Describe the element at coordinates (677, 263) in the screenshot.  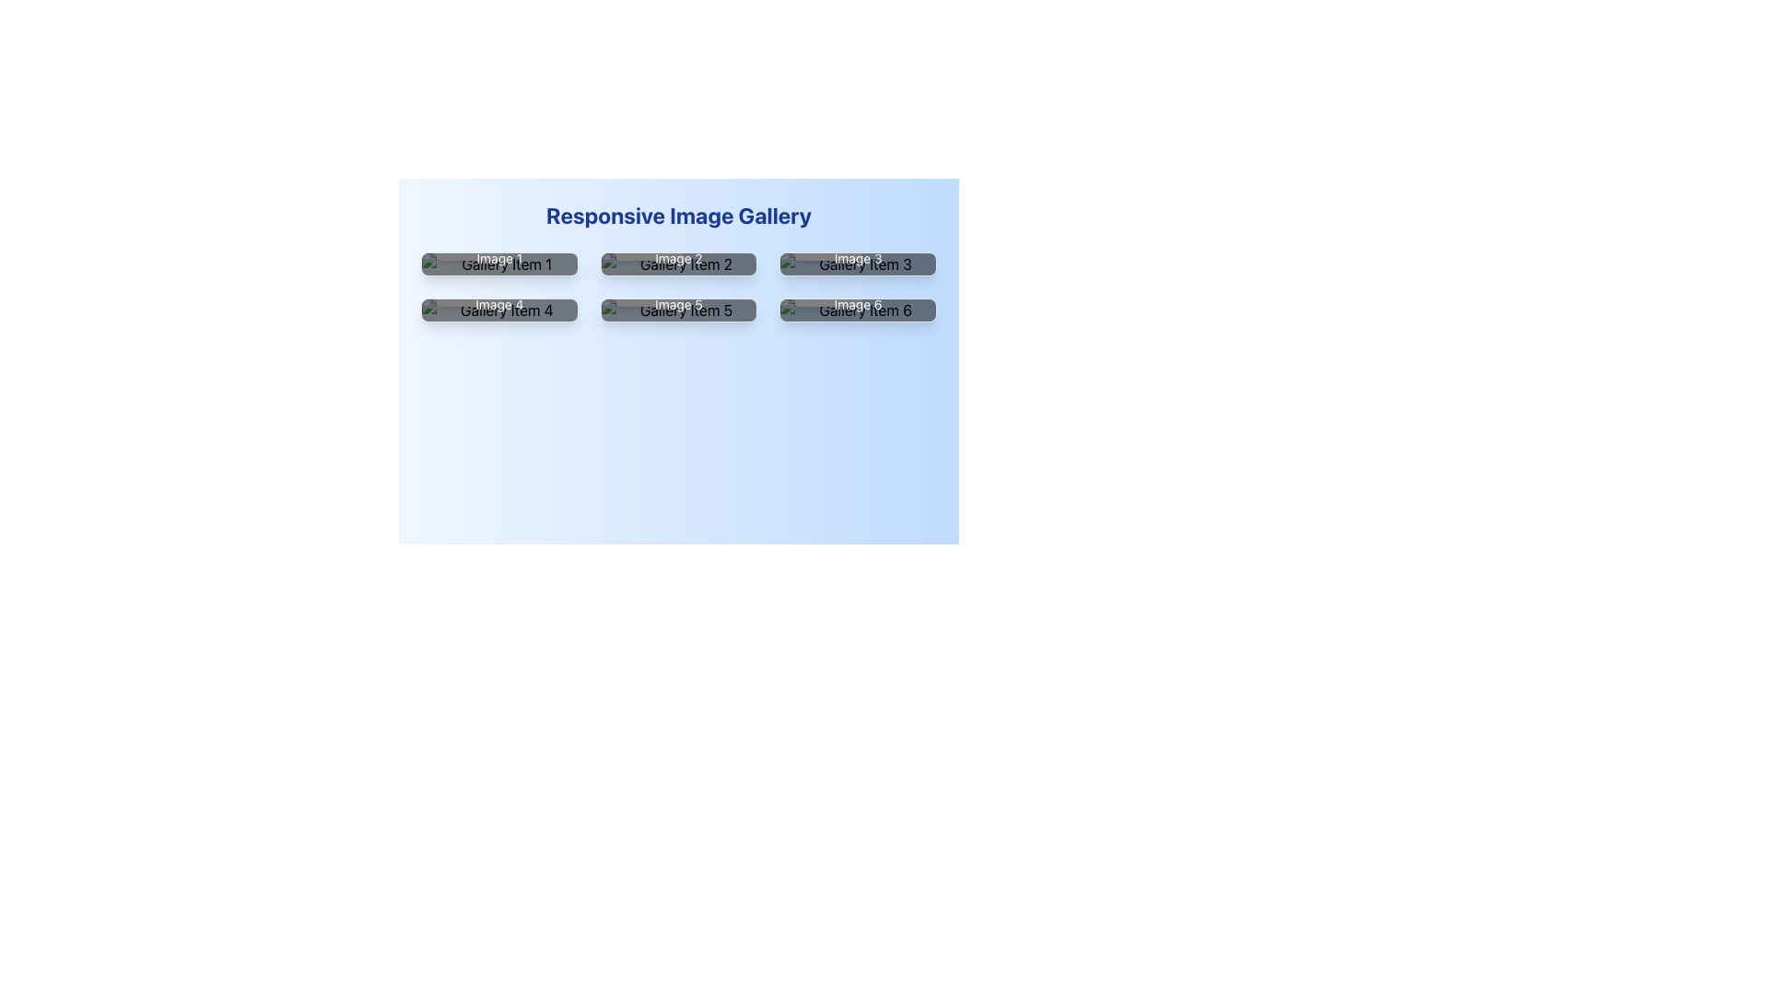
I see `the Clickable Card element in the second column of the first row labeled 'Gallery Item 2'` at that location.